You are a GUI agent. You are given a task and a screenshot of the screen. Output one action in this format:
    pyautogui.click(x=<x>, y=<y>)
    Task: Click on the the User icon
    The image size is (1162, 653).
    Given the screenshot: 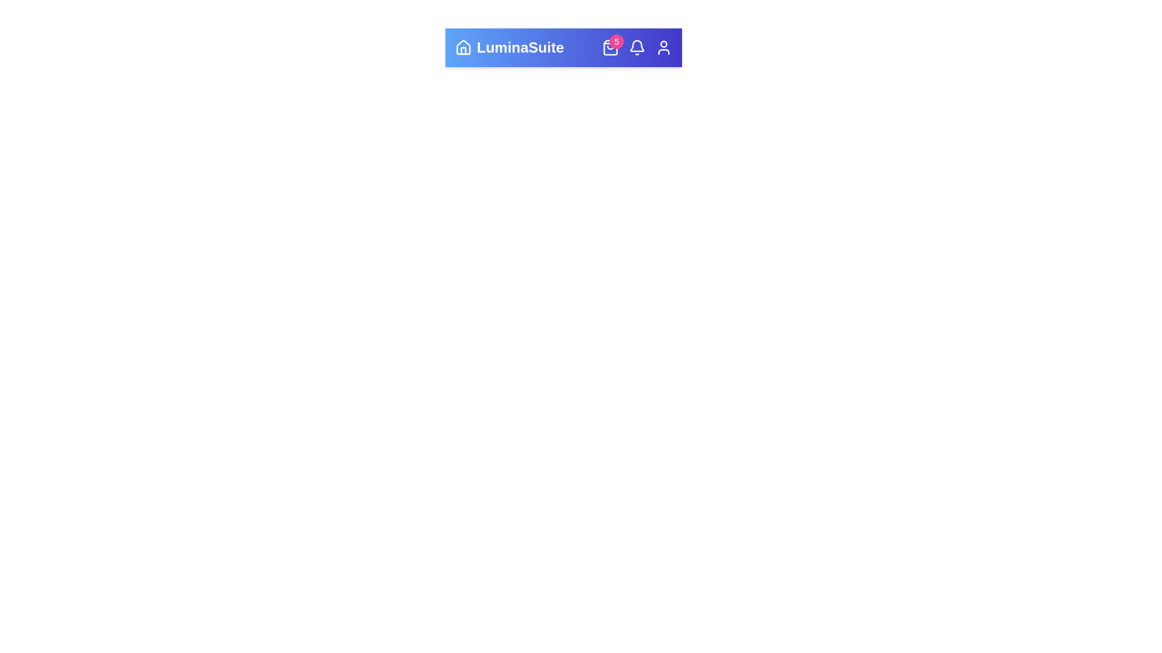 What is the action you would take?
    pyautogui.click(x=663, y=47)
    